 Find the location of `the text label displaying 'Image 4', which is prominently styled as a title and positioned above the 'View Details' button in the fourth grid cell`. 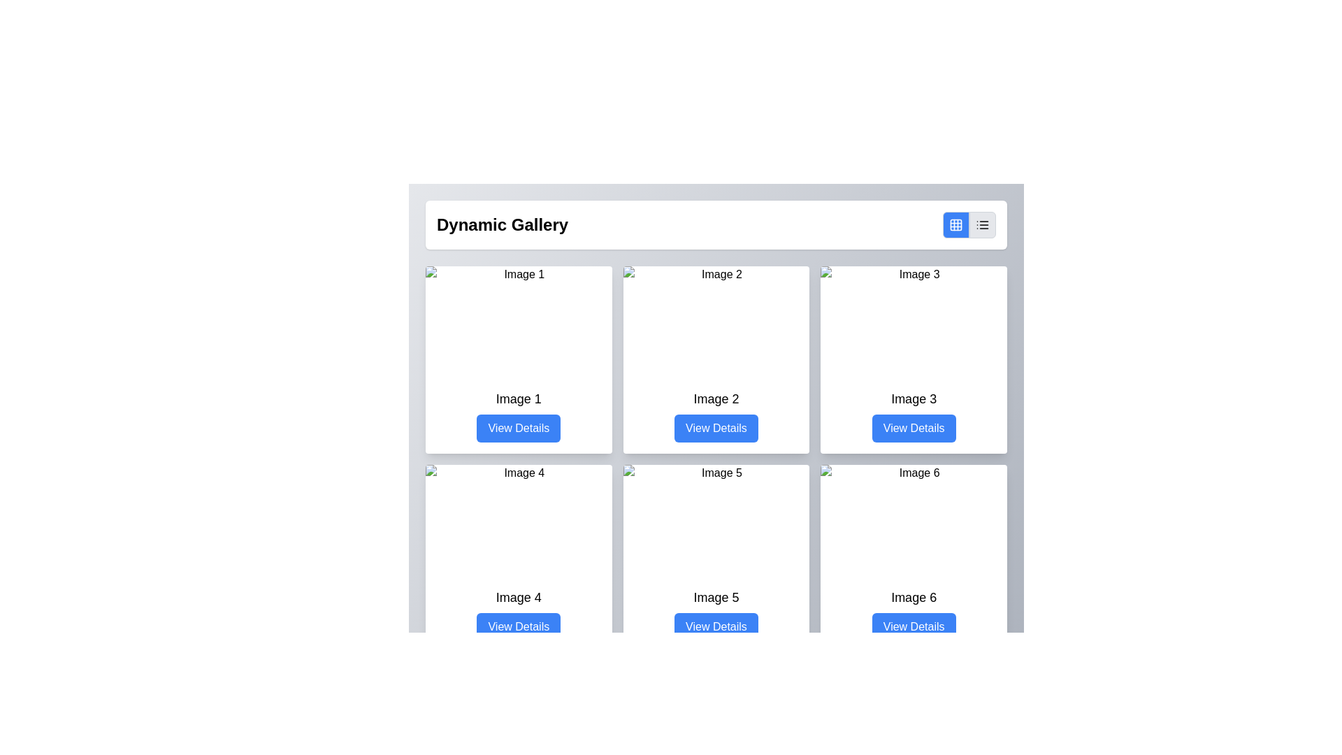

the text label displaying 'Image 4', which is prominently styled as a title and positioned above the 'View Details' button in the fourth grid cell is located at coordinates (518, 598).